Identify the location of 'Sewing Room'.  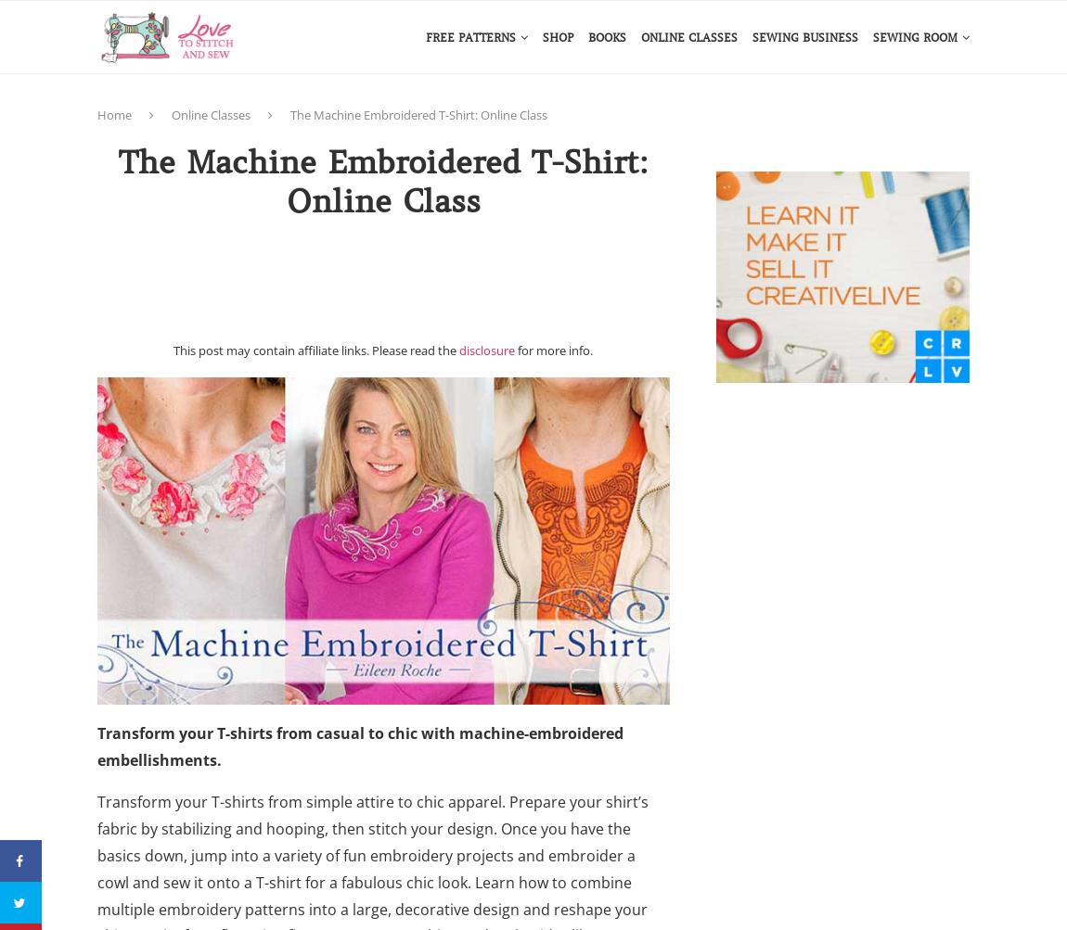
(915, 37).